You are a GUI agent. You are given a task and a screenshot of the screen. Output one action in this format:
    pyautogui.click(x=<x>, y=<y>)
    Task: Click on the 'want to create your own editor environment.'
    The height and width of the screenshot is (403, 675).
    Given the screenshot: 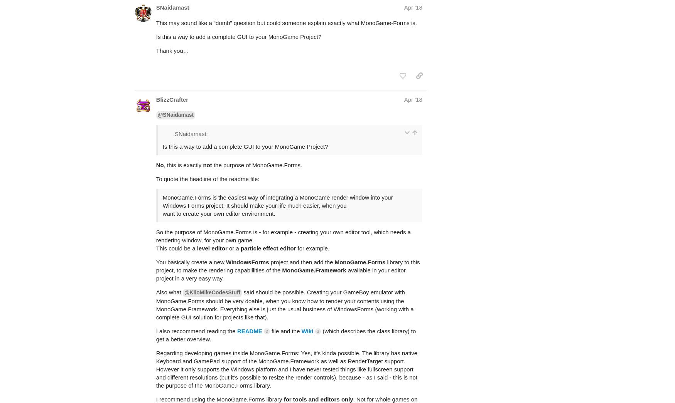 What is the action you would take?
    pyautogui.click(x=219, y=183)
    